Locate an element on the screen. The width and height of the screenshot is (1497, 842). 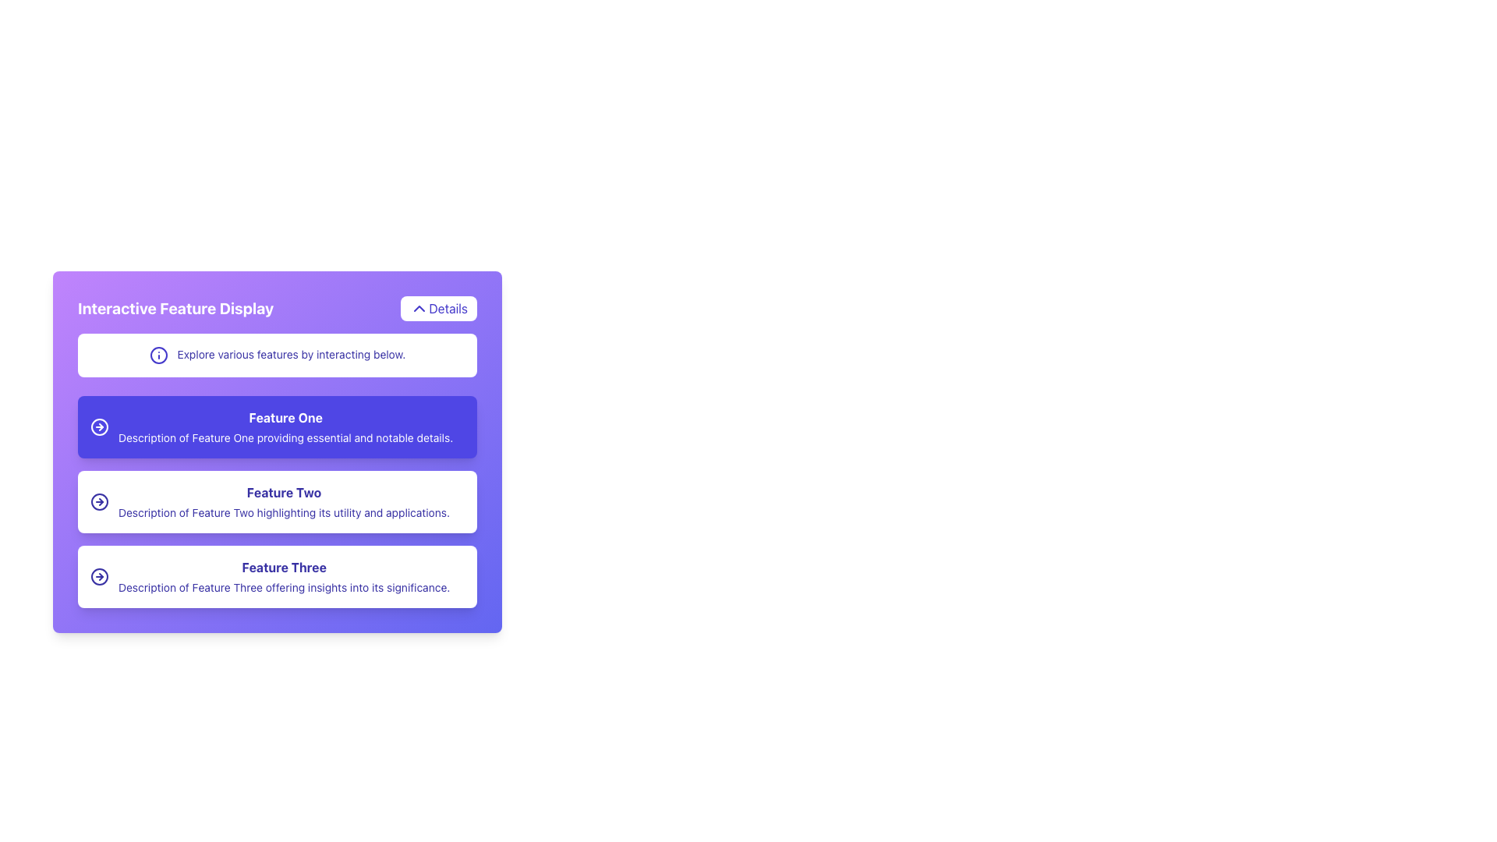
the bold-styled text label displaying 'Feature Two' located at the center of the light purple card above the descriptive text is located at coordinates (284, 493).